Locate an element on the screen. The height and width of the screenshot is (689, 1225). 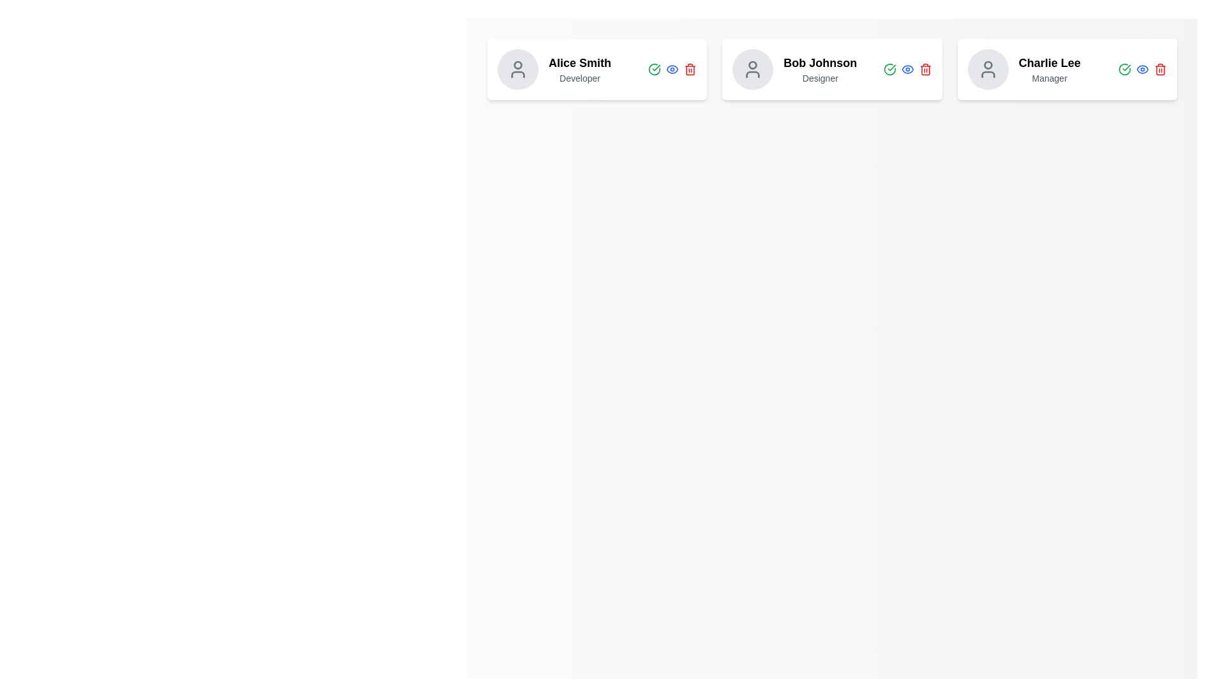
the confirmation icon button located in the profile card of Charlie Lee (labeled 'Manager') is located at coordinates (1124, 69).